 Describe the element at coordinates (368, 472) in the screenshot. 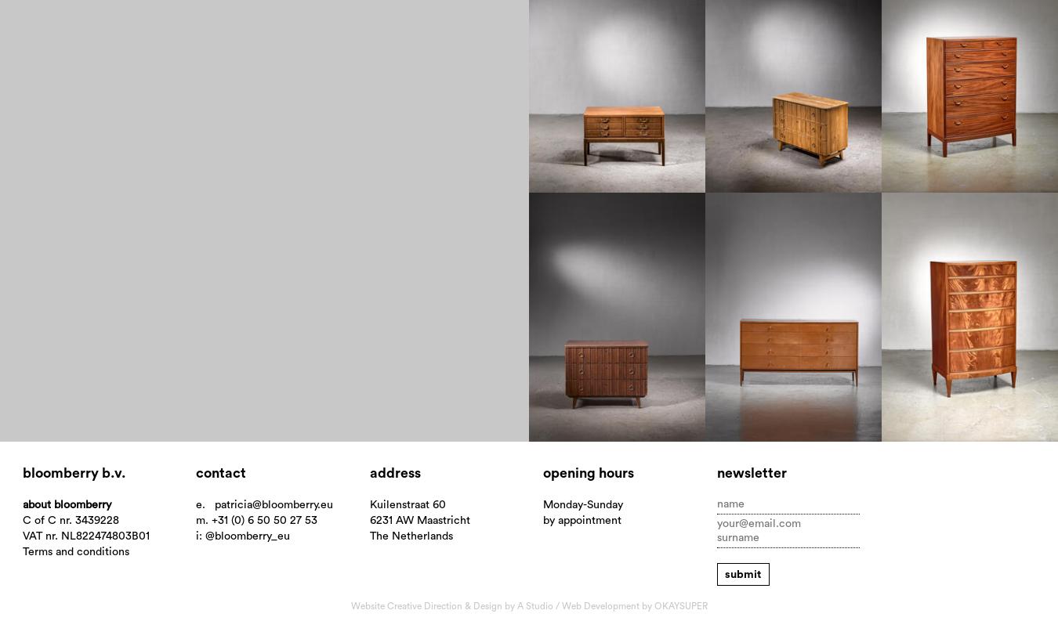

I see `'Address'` at that location.